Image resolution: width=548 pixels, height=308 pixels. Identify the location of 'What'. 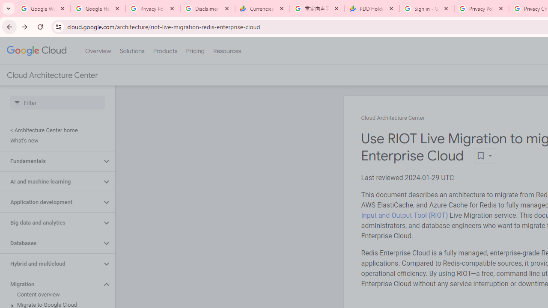
(55, 140).